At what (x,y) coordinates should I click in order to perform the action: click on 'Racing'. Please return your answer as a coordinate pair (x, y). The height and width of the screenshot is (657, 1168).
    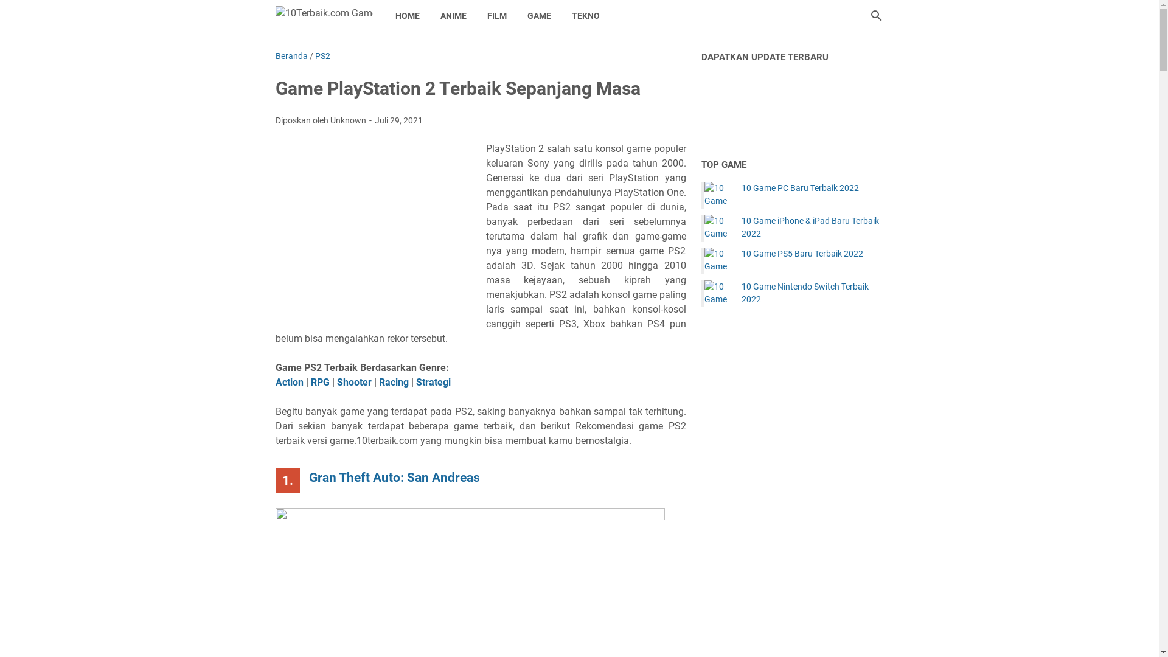
    Looking at the image, I should click on (393, 381).